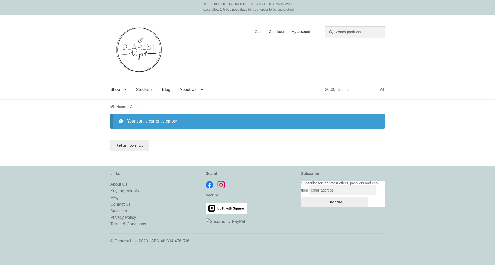 Image resolution: width=495 pixels, height=278 pixels. I want to click on '$0.00 0 items', so click(354, 89).